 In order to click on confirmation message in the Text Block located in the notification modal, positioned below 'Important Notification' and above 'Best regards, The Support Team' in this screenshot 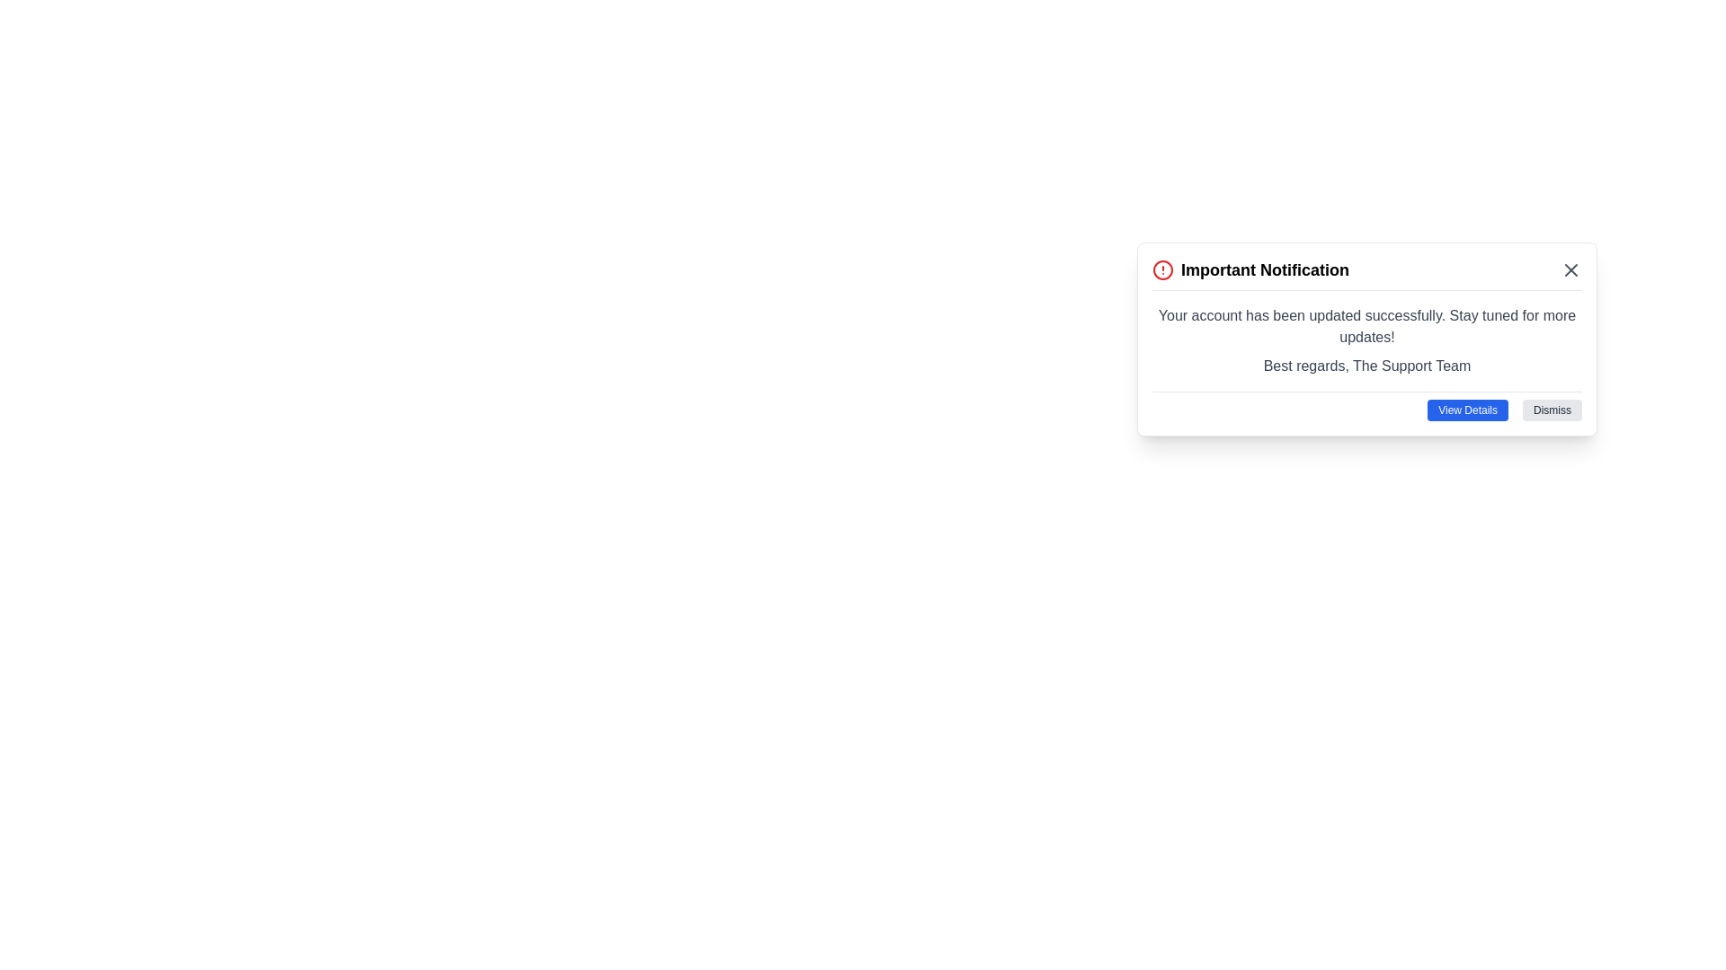, I will do `click(1366, 326)`.